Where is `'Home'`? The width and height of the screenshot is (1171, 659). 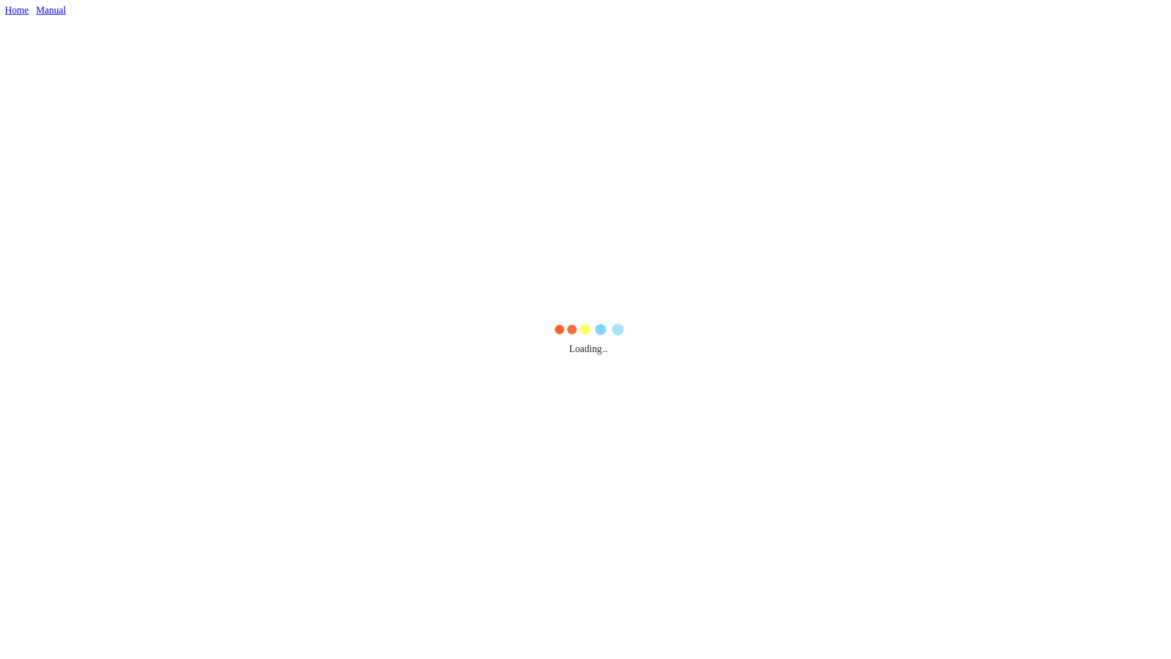 'Home' is located at coordinates (5, 10).